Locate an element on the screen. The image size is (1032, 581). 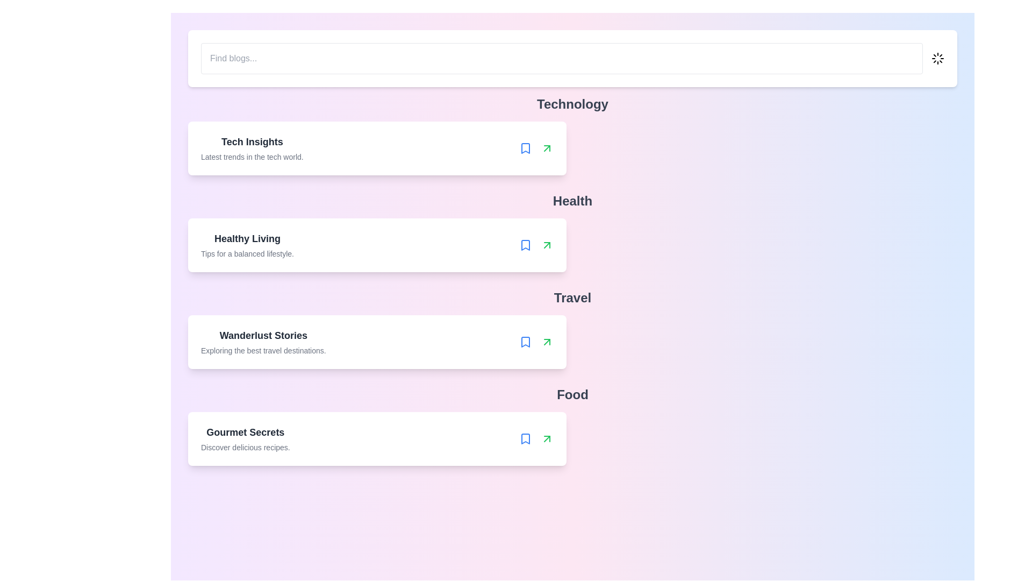
text label 'Tech Insights' located at the top of the white section card under the 'Technology' category is located at coordinates (252, 141).